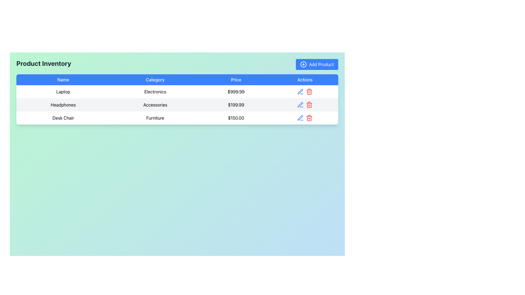 The image size is (525, 295). I want to click on displayed price value for 'Headphones' and 'Accessories' in the Text label located in the third column of the second row under the 'Price' column, so click(236, 105).